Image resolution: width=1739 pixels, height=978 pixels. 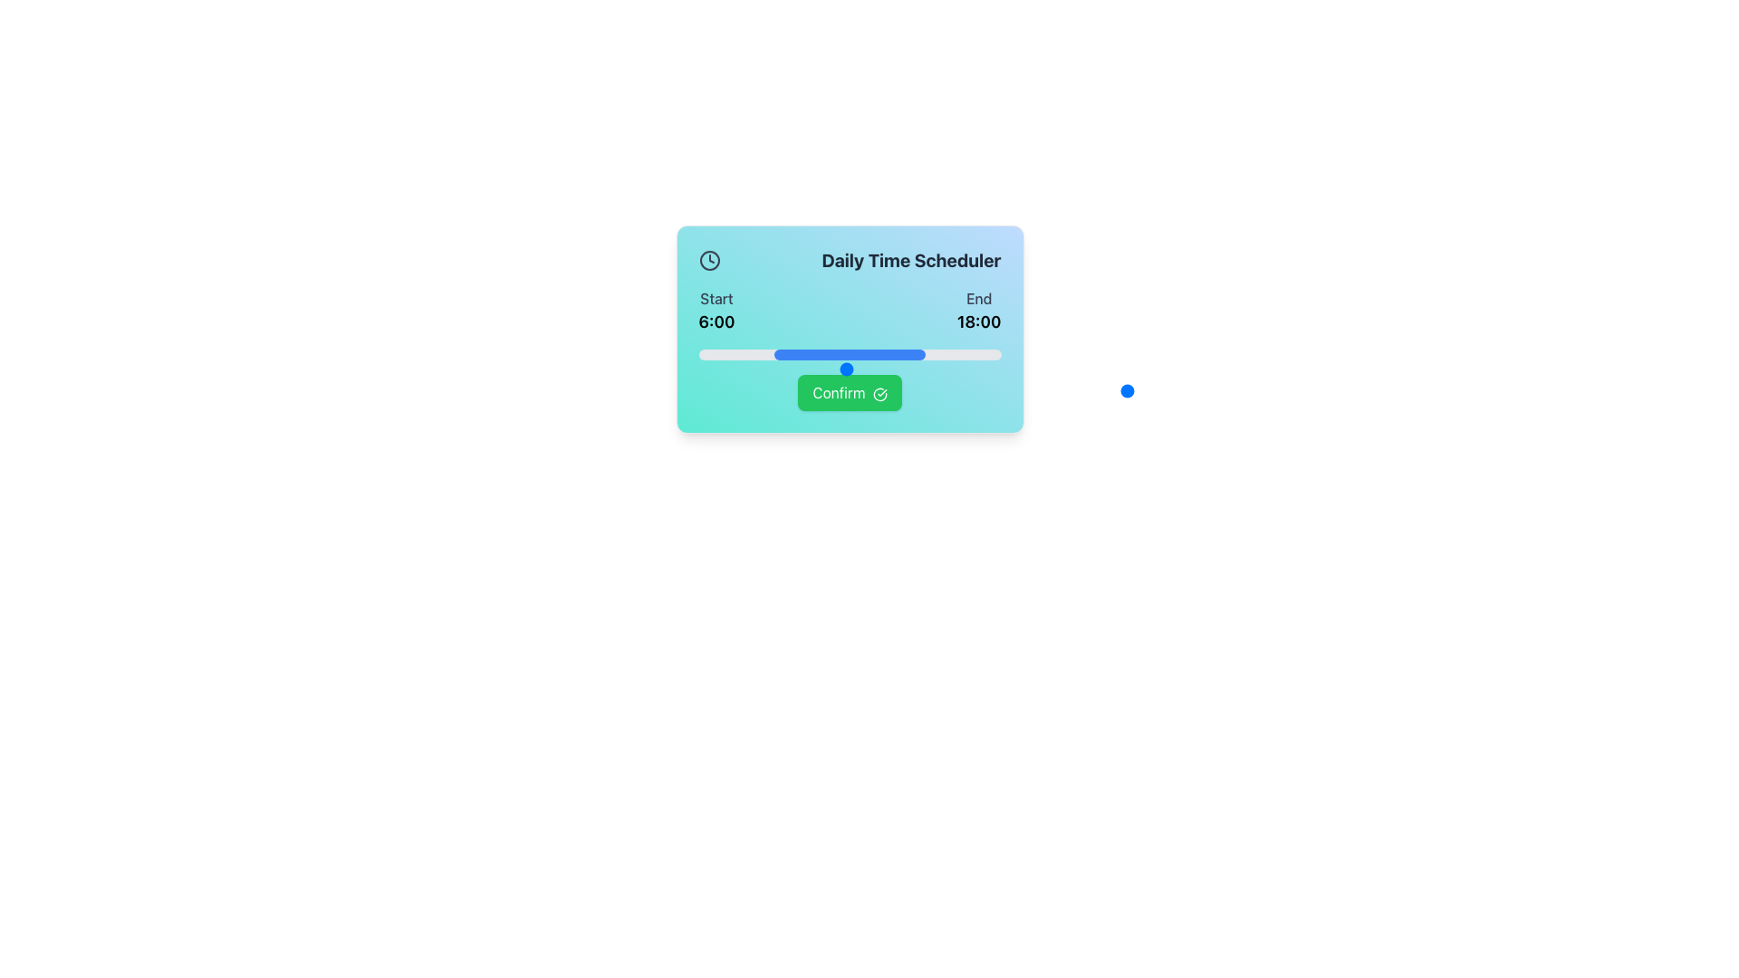 I want to click on the slider, so click(x=957, y=355).